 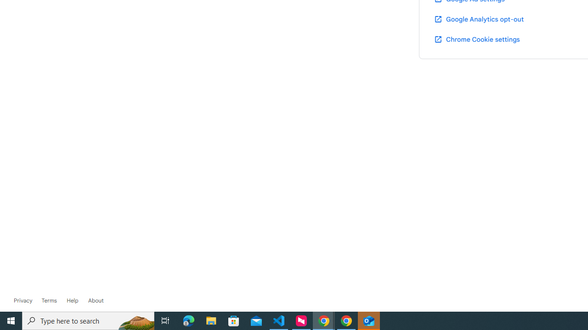 What do you see at coordinates (96, 300) in the screenshot?
I see `'Learn more about Google Account'` at bounding box center [96, 300].